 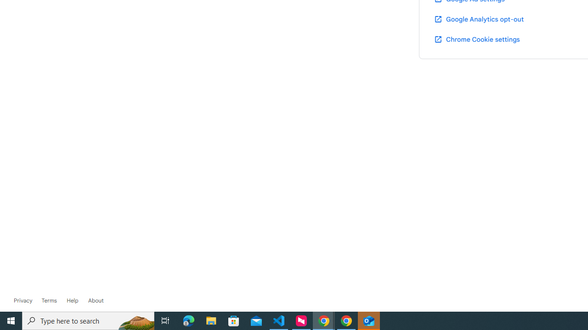 What do you see at coordinates (96, 300) in the screenshot?
I see `'Learn more about Google Account'` at bounding box center [96, 300].